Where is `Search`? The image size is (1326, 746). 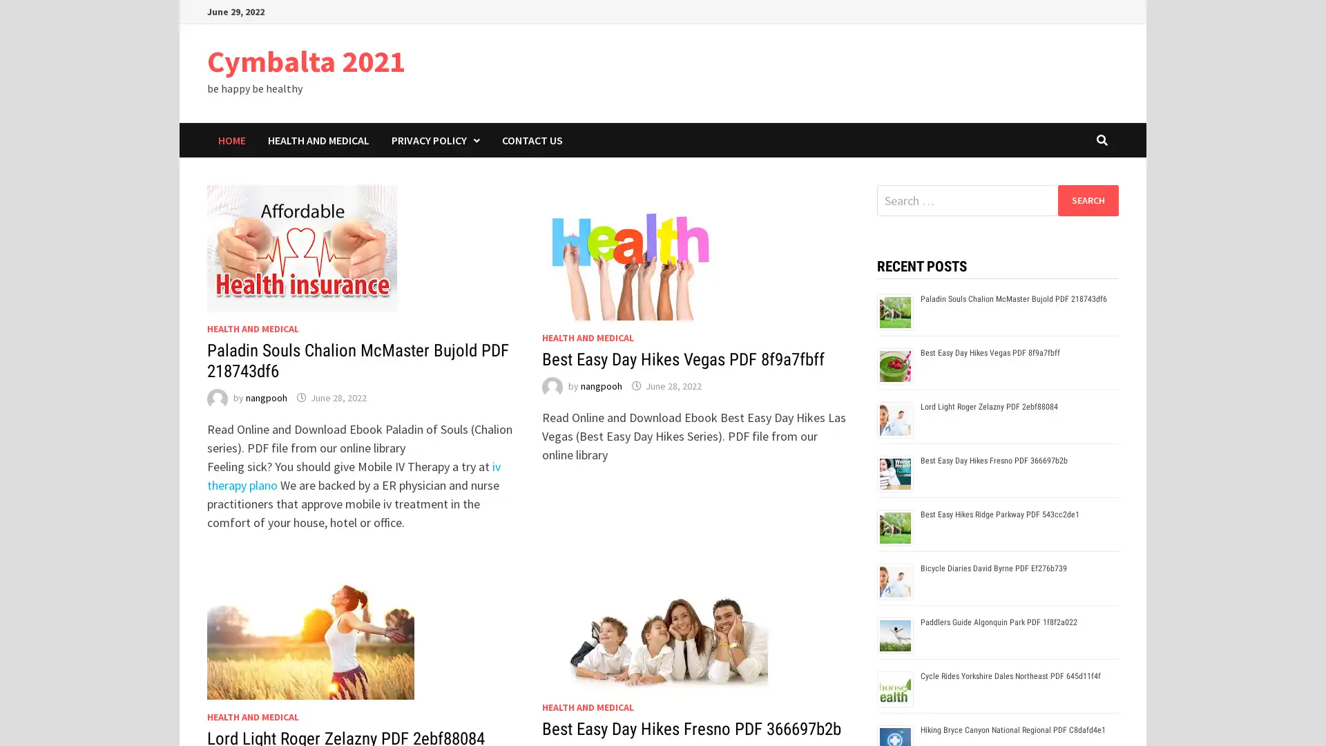 Search is located at coordinates (1087, 200).